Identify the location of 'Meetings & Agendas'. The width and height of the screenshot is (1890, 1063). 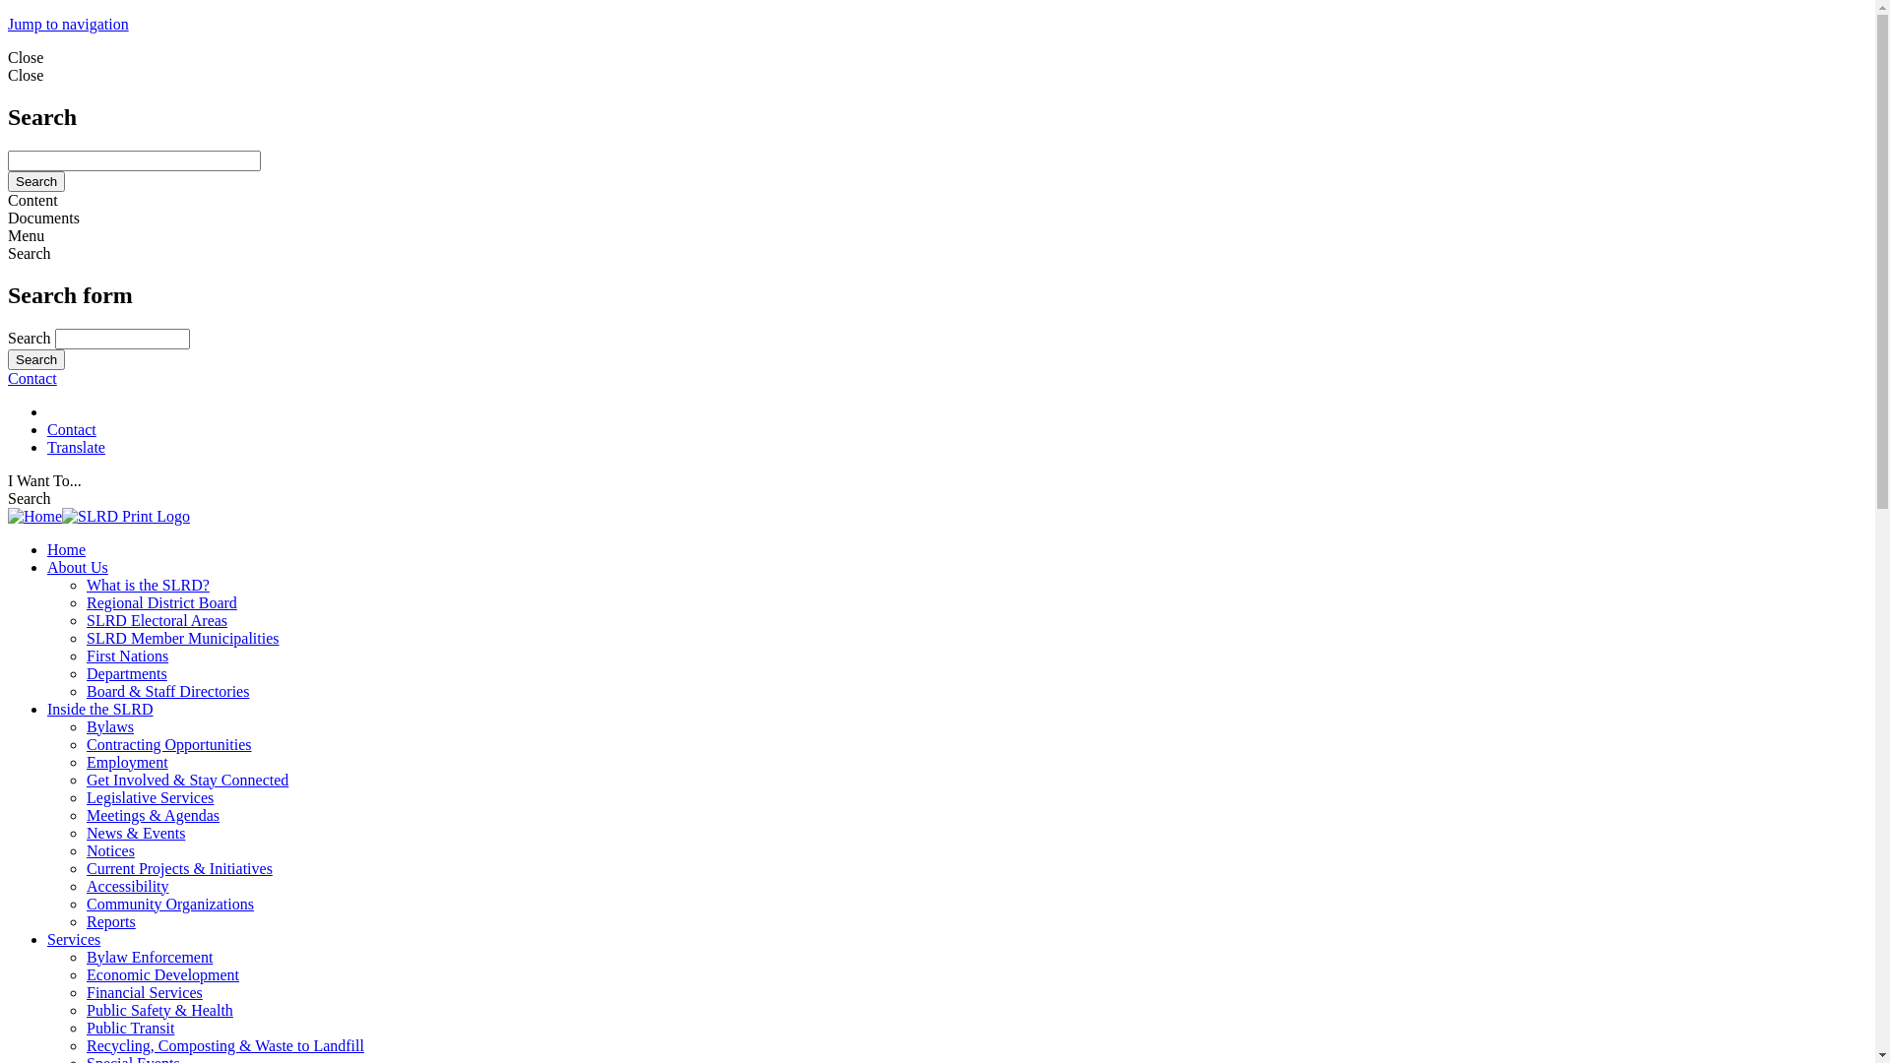
(152, 815).